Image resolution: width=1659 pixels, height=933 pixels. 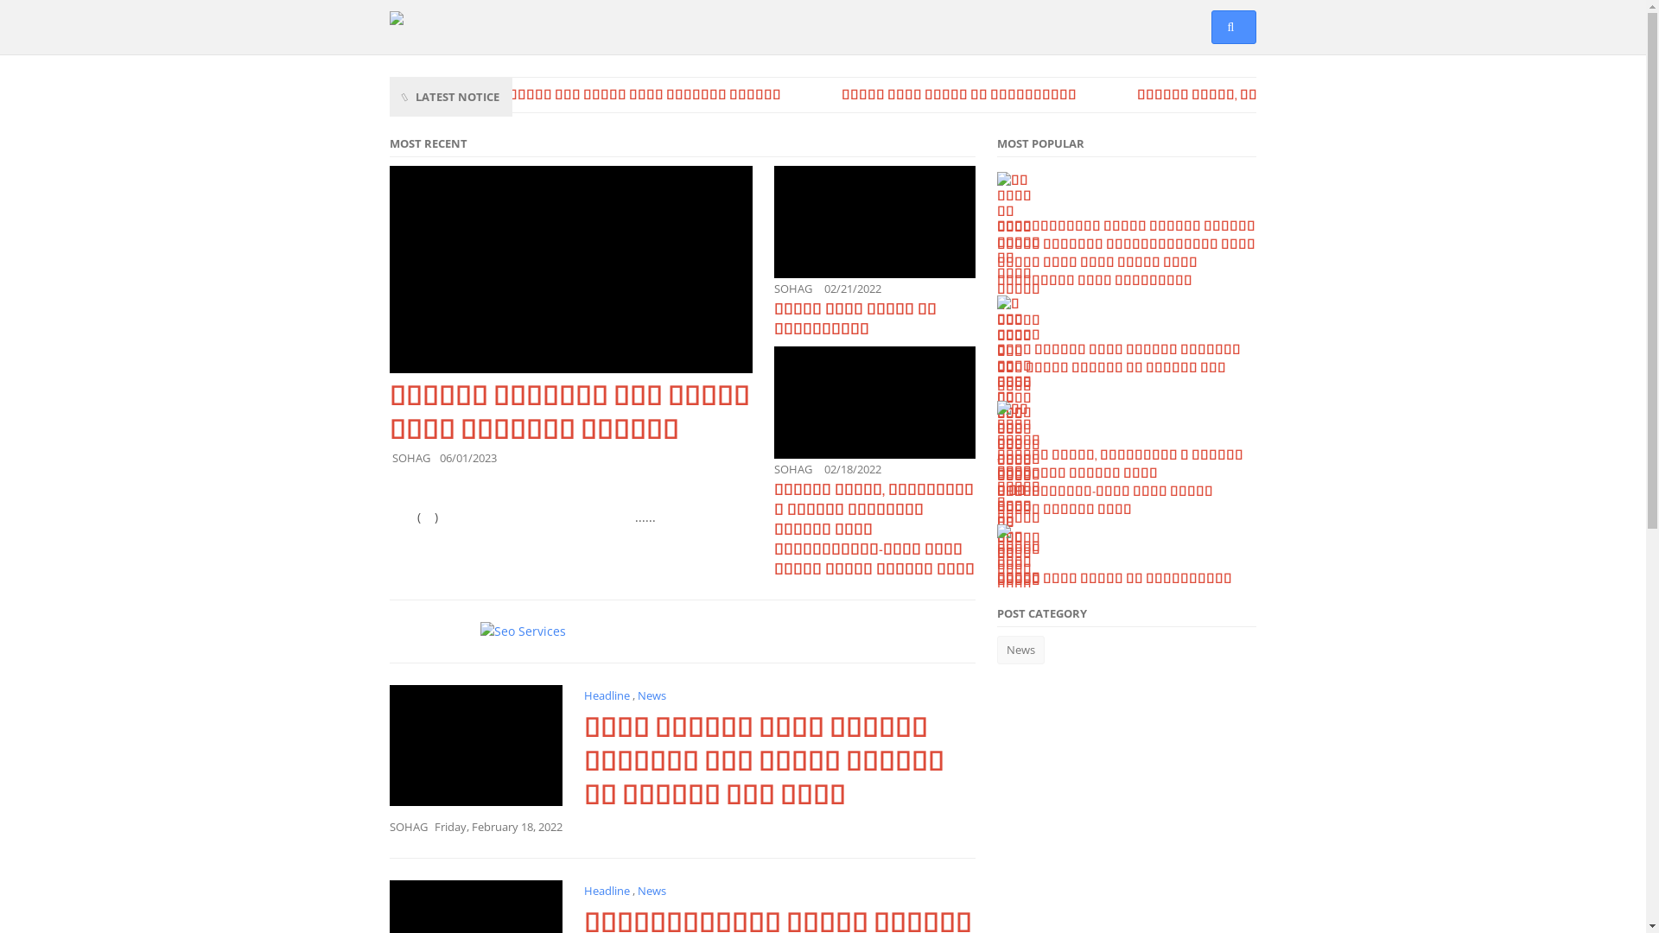 What do you see at coordinates (584, 890) in the screenshot?
I see `'Headline'` at bounding box center [584, 890].